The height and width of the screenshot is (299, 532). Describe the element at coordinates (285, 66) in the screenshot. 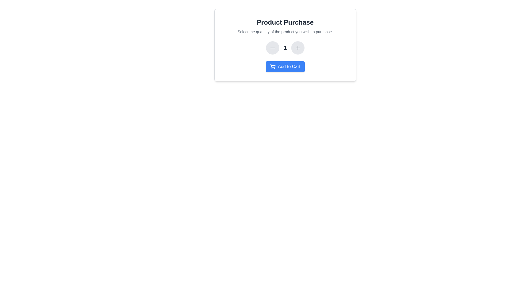

I see `the button labeled 'Add to Cart' located at the bottom of the 'Product Purchase' card` at that location.